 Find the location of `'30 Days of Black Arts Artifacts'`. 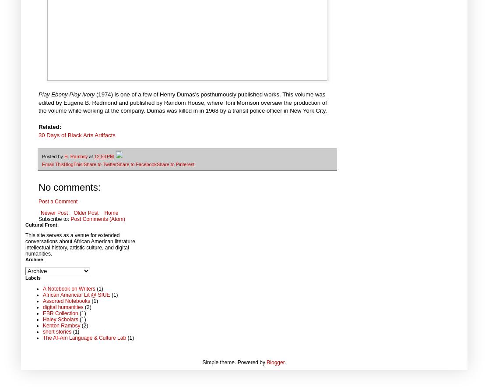

'30 Days of Black Arts Artifacts' is located at coordinates (38, 135).